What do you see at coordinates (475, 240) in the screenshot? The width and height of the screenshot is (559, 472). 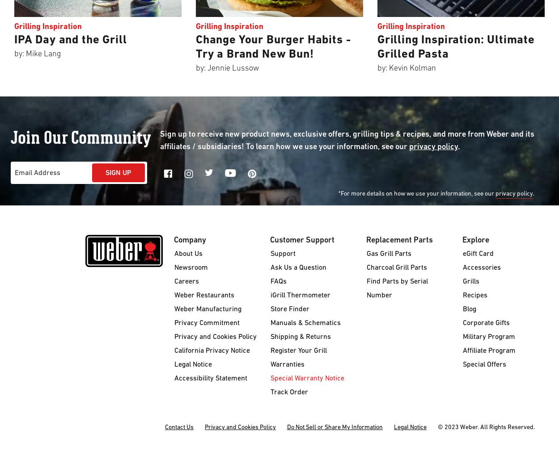 I see `'Explore'` at bounding box center [475, 240].